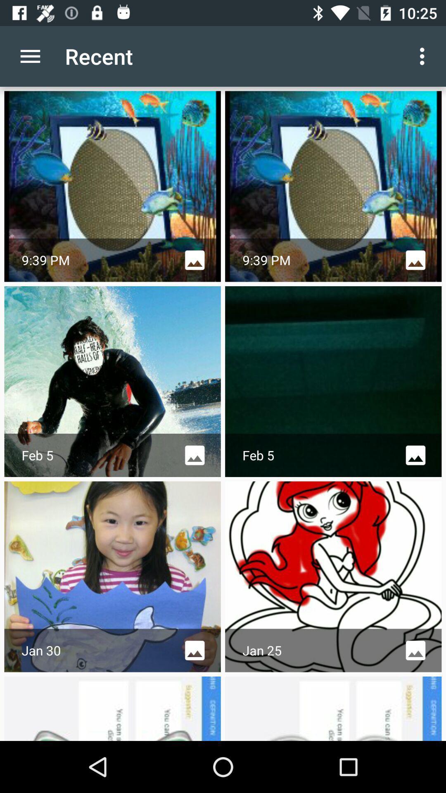 This screenshot has width=446, height=793. What do you see at coordinates (424, 56) in the screenshot?
I see `the icon next to the recent icon` at bounding box center [424, 56].